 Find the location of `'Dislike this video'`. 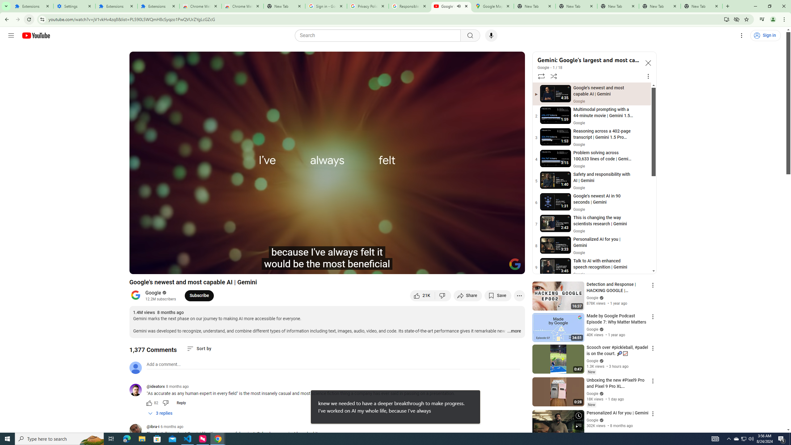

'Dislike this video' is located at coordinates (443, 295).